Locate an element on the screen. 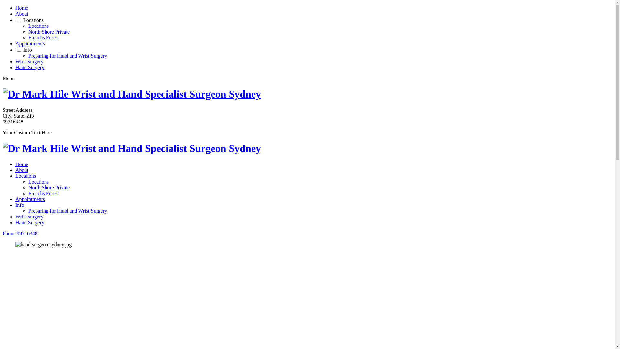 The width and height of the screenshot is (620, 349). 'Locations' is located at coordinates (38, 26).